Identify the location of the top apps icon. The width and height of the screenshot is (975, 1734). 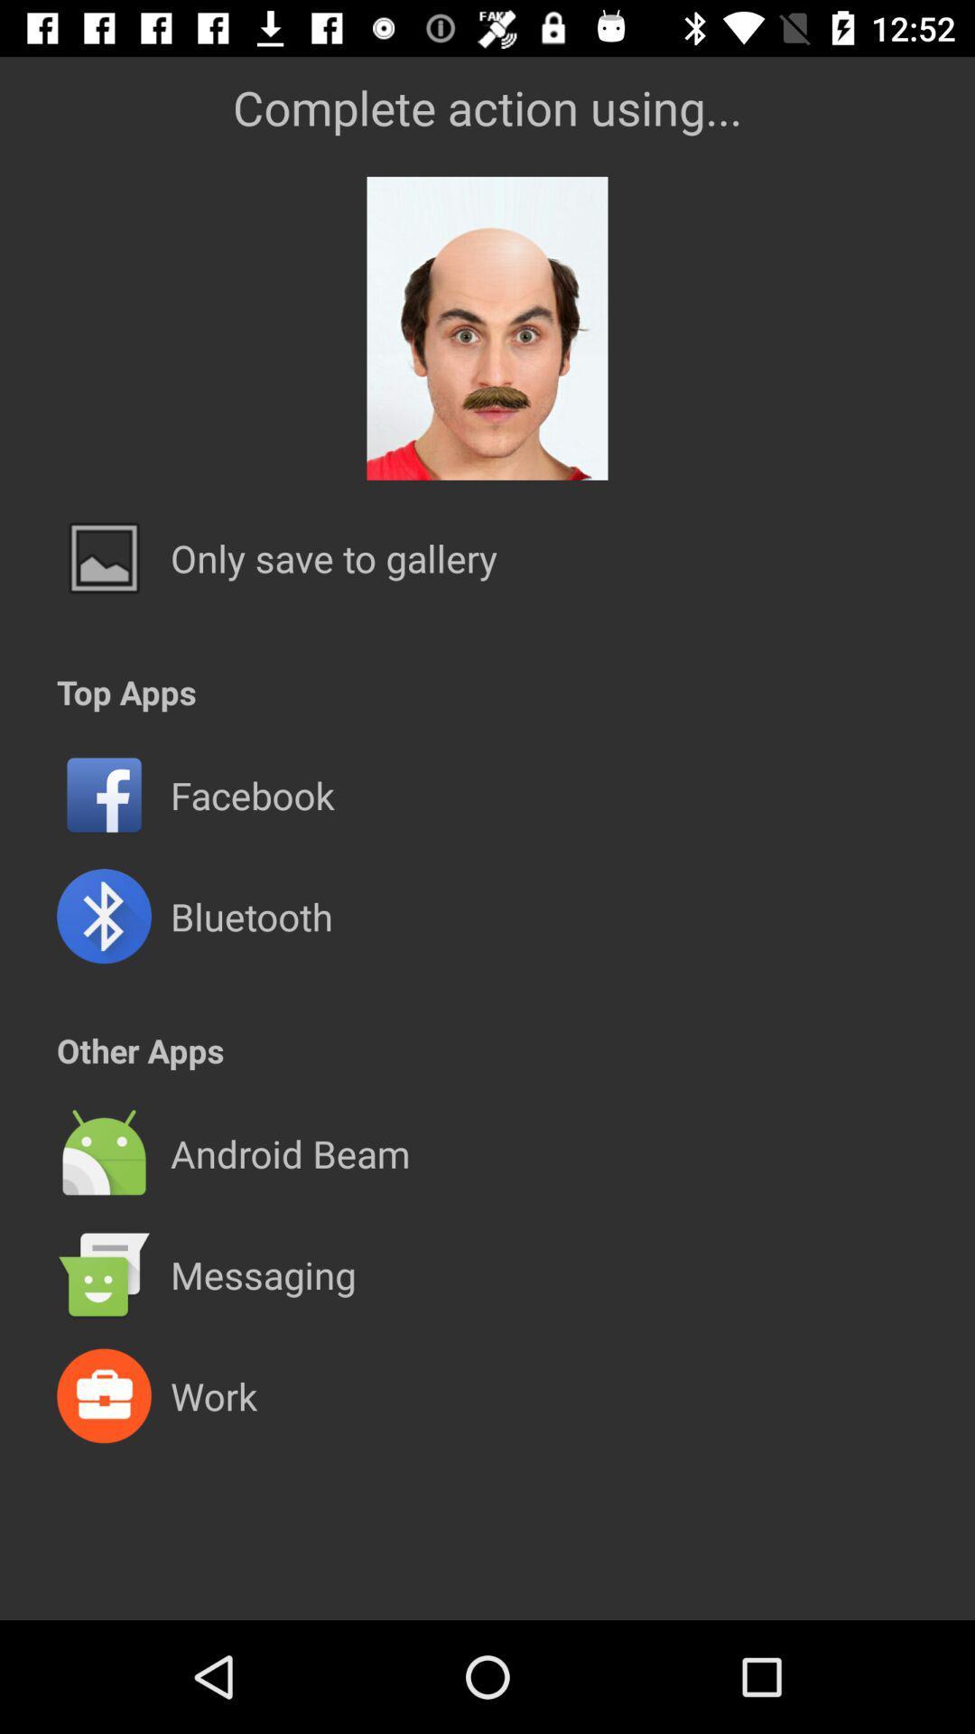
(125, 691).